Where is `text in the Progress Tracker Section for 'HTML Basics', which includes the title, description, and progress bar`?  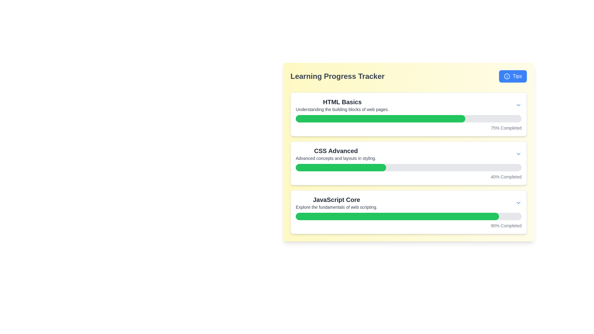
text in the Progress Tracker Section for 'HTML Basics', which includes the title, description, and progress bar is located at coordinates (408, 114).